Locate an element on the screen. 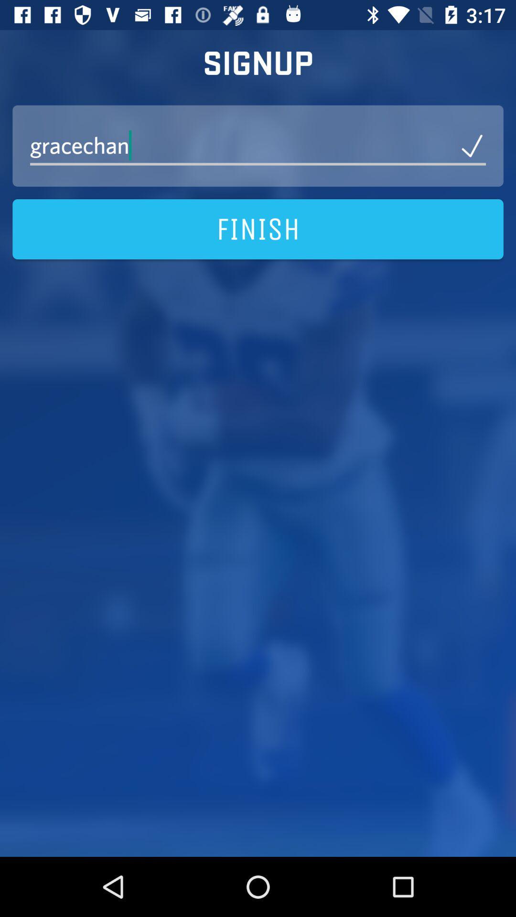 The height and width of the screenshot is (917, 516). finish icon is located at coordinates (258, 229).